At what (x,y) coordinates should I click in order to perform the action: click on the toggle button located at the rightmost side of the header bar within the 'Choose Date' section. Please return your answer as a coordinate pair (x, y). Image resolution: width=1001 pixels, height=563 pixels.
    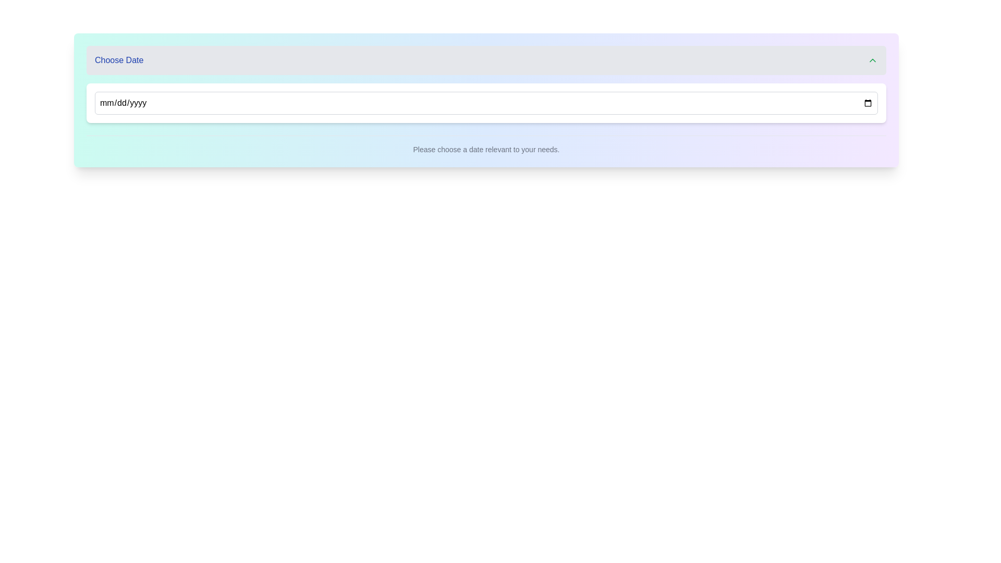
    Looking at the image, I should click on (873, 60).